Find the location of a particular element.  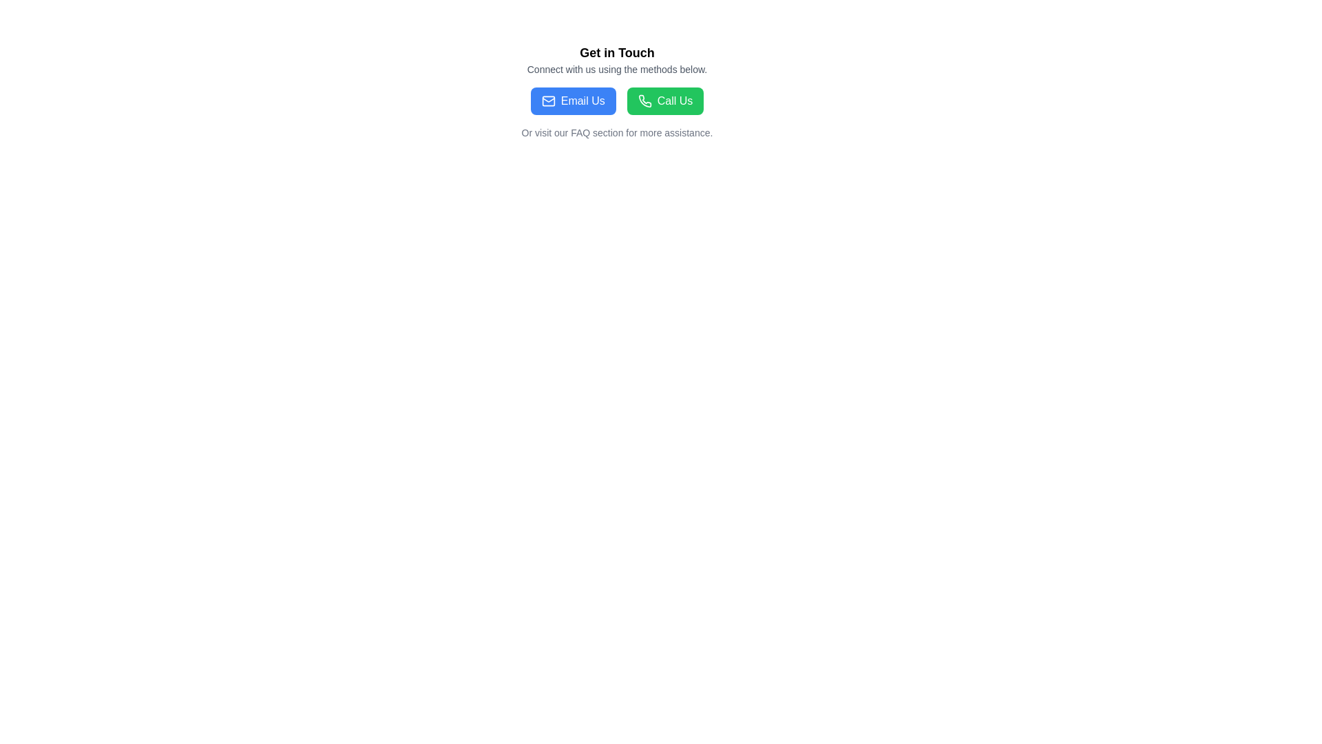

the 'Call Us' button, which has a green background, white text, and a phone icon is located at coordinates (665, 100).